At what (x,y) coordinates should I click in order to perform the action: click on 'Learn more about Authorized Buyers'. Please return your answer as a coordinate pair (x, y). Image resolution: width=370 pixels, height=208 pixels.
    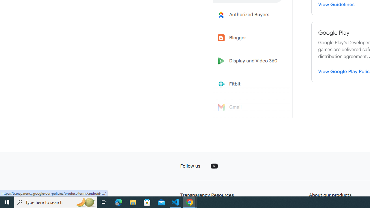
    Looking at the image, I should click on (249, 14).